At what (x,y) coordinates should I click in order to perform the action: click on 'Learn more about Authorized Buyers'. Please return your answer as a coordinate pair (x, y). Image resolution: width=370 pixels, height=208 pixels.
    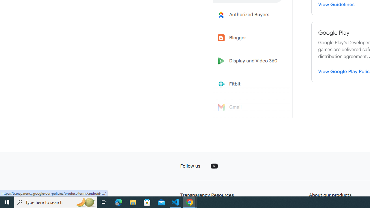
    Looking at the image, I should click on (249, 14).